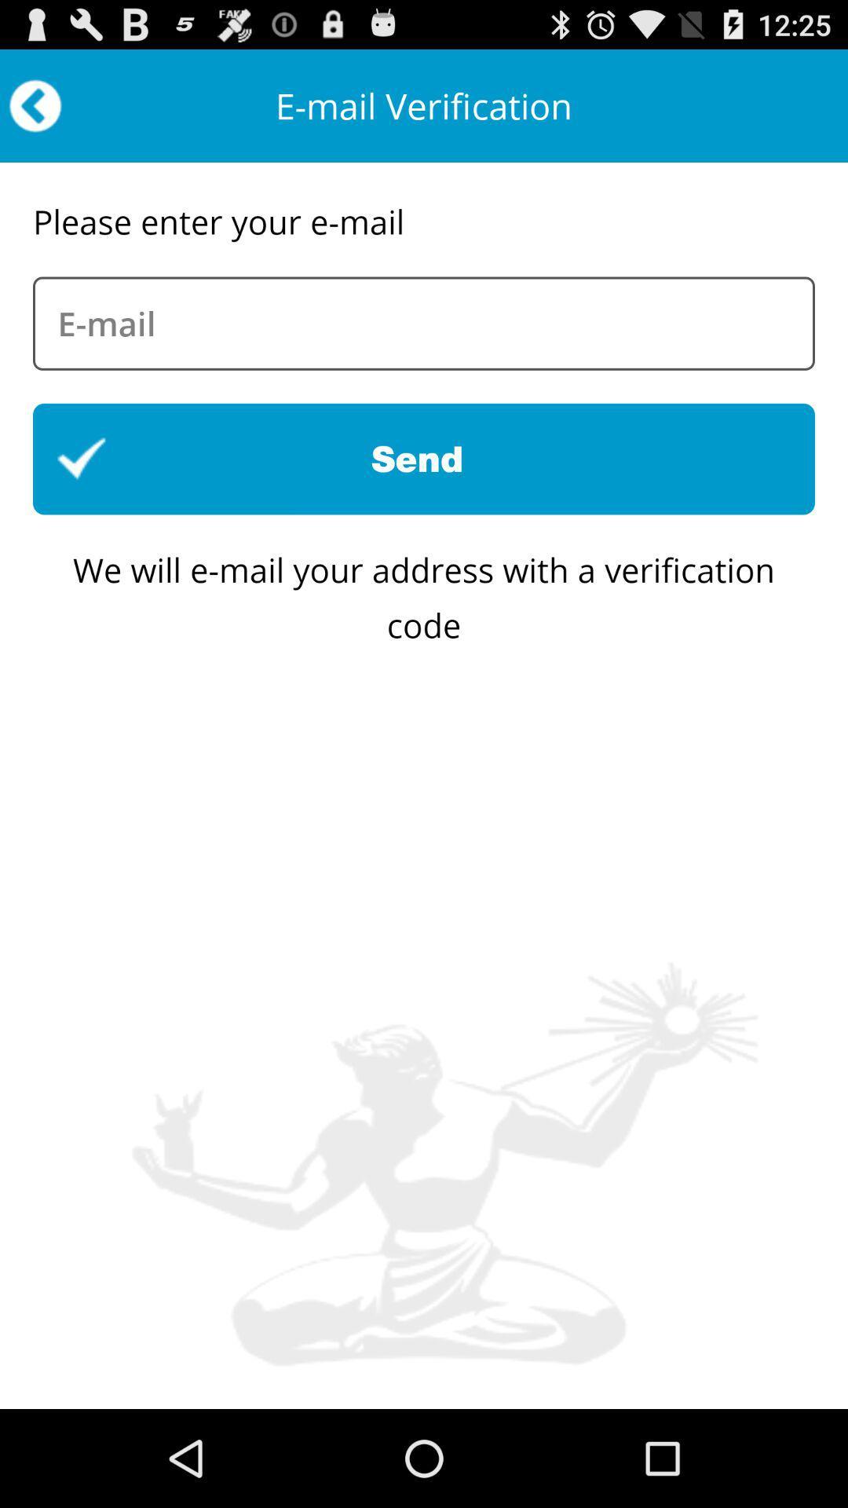 The image size is (848, 1508). What do you see at coordinates (424, 323) in the screenshot?
I see `box` at bounding box center [424, 323].